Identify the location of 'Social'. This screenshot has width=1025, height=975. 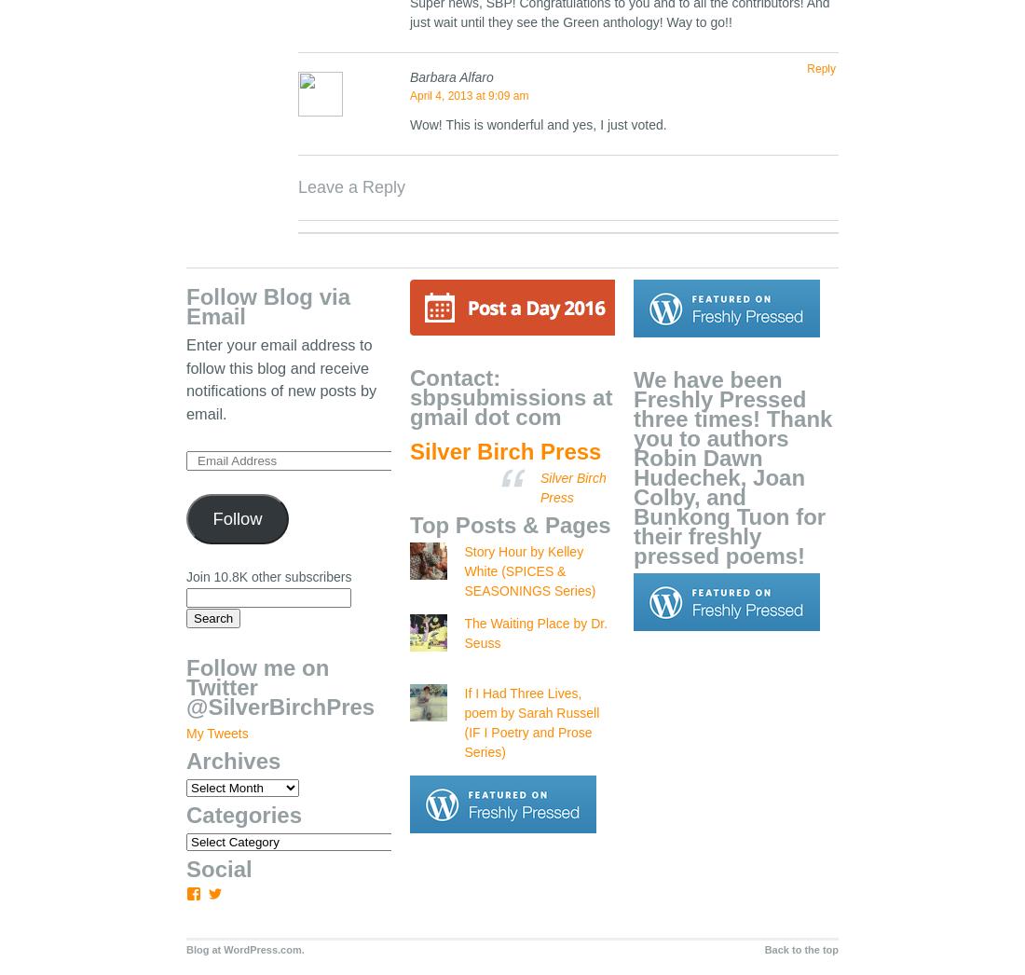
(218, 869).